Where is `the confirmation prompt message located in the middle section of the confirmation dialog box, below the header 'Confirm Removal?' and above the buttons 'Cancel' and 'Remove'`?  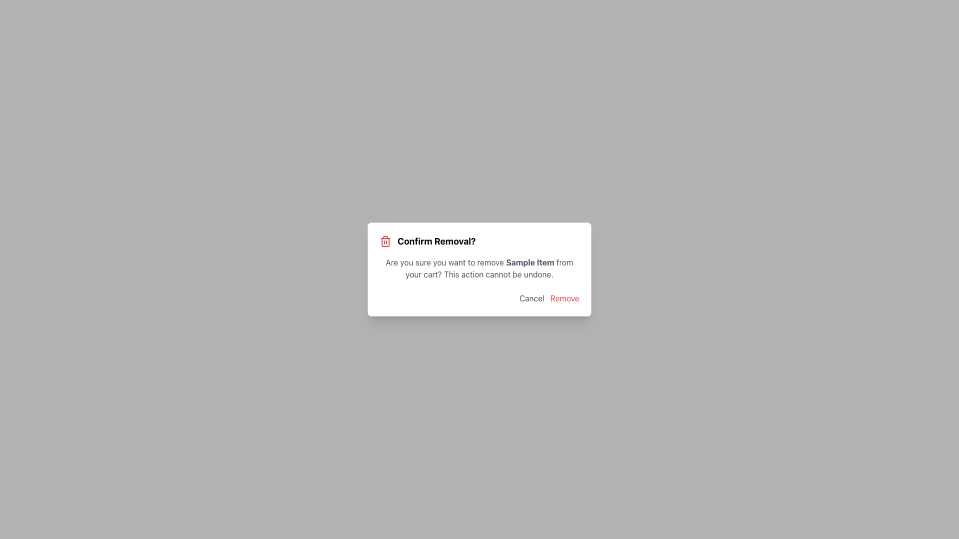
the confirmation prompt message located in the middle section of the confirmation dialog box, below the header 'Confirm Removal?' and above the buttons 'Cancel' and 'Remove' is located at coordinates (479, 268).